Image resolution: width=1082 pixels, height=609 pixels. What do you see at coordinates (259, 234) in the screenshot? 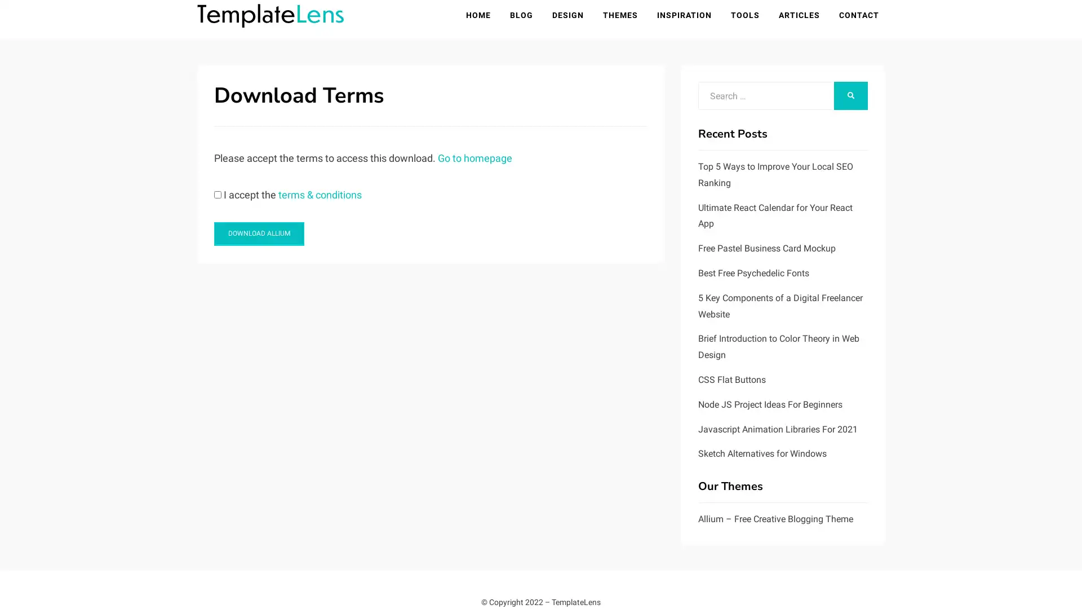
I see `Download Allium` at bounding box center [259, 234].